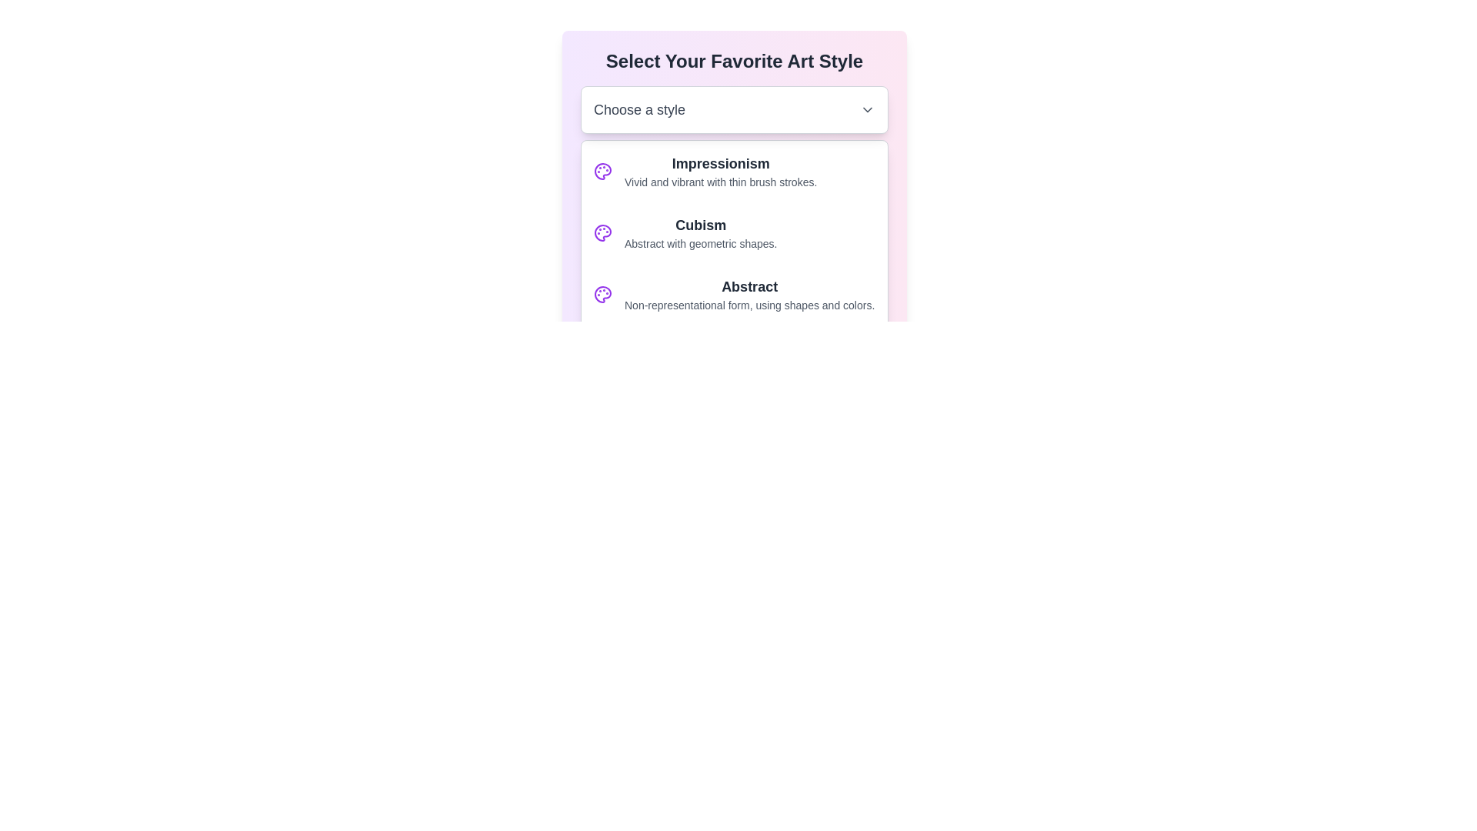  What do you see at coordinates (602, 172) in the screenshot?
I see `the 'Impressionism' icon located at the leftmost section of the first option group under the heading 'Select Your Favorite Art Style'` at bounding box center [602, 172].